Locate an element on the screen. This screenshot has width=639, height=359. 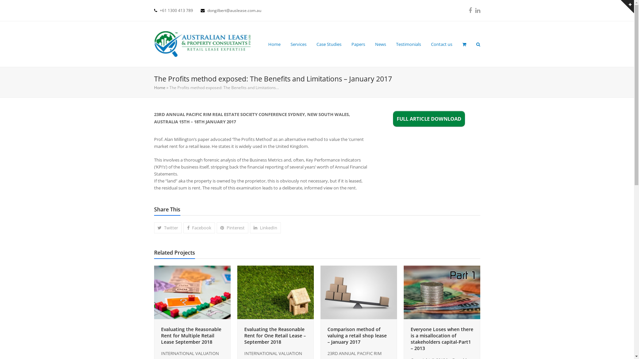
'Testimonials' is located at coordinates (408, 44).